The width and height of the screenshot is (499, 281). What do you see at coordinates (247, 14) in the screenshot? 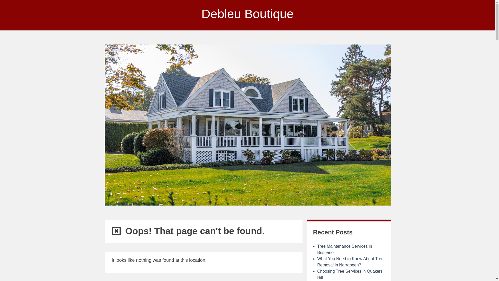
I see `'Debleu Boutique'` at bounding box center [247, 14].